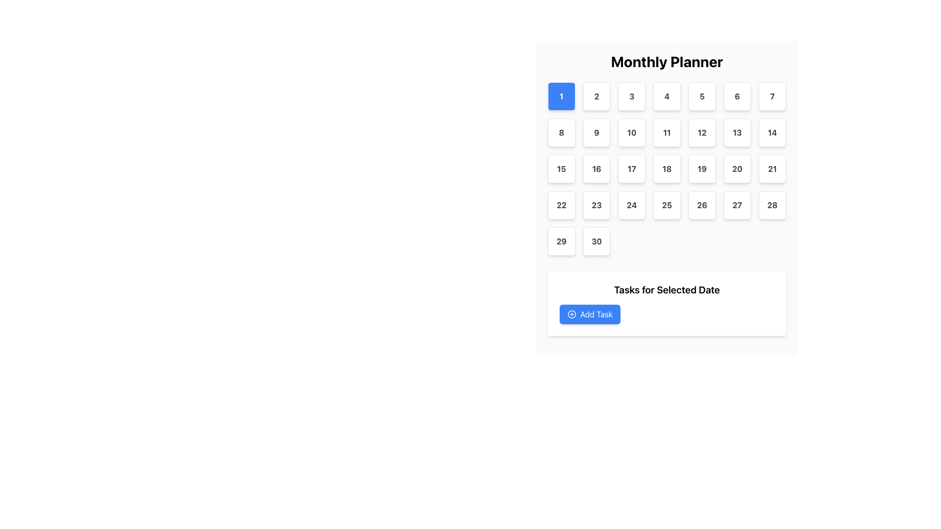 This screenshot has height=529, width=941. I want to click on the button displaying the number '5' in bold text, so click(701, 96).